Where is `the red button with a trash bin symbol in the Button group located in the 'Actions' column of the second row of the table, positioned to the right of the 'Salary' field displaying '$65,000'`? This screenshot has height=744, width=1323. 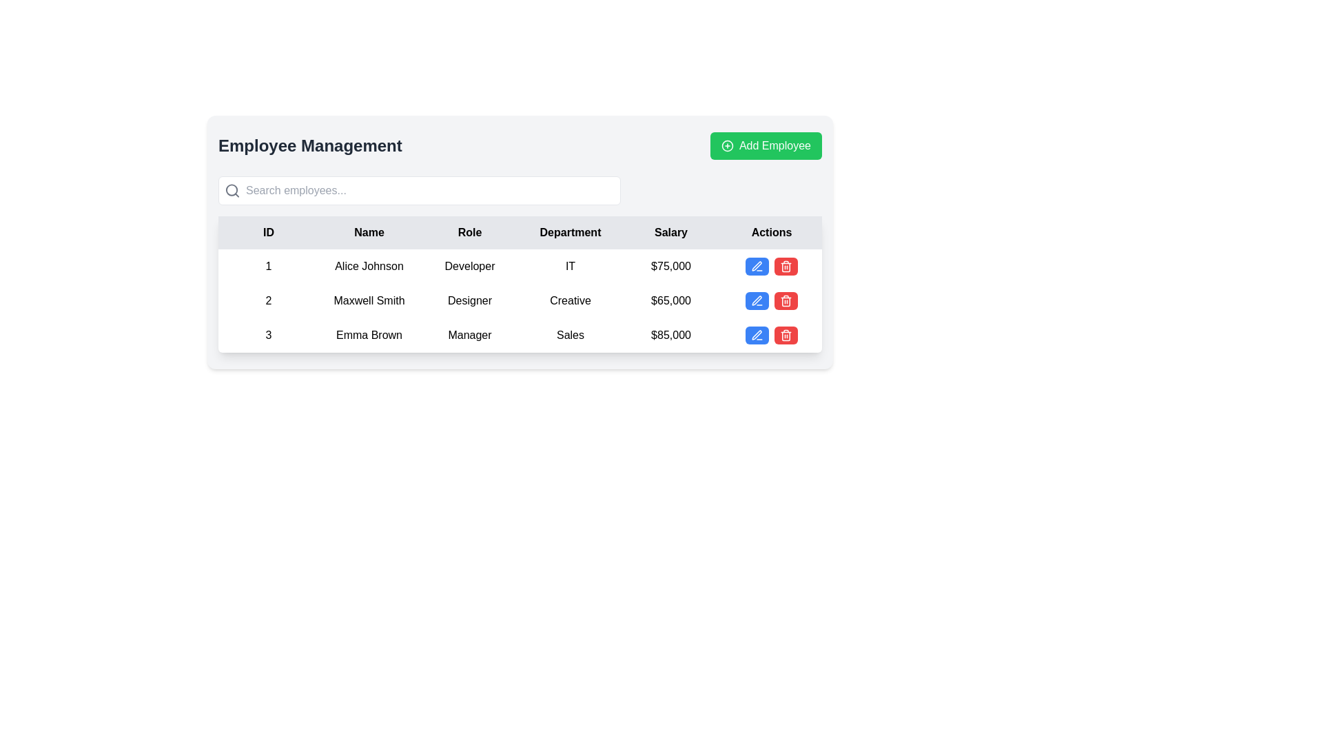 the red button with a trash bin symbol in the Button group located in the 'Actions' column of the second row of the table, positioned to the right of the 'Salary' field displaying '$65,000' is located at coordinates (770, 300).